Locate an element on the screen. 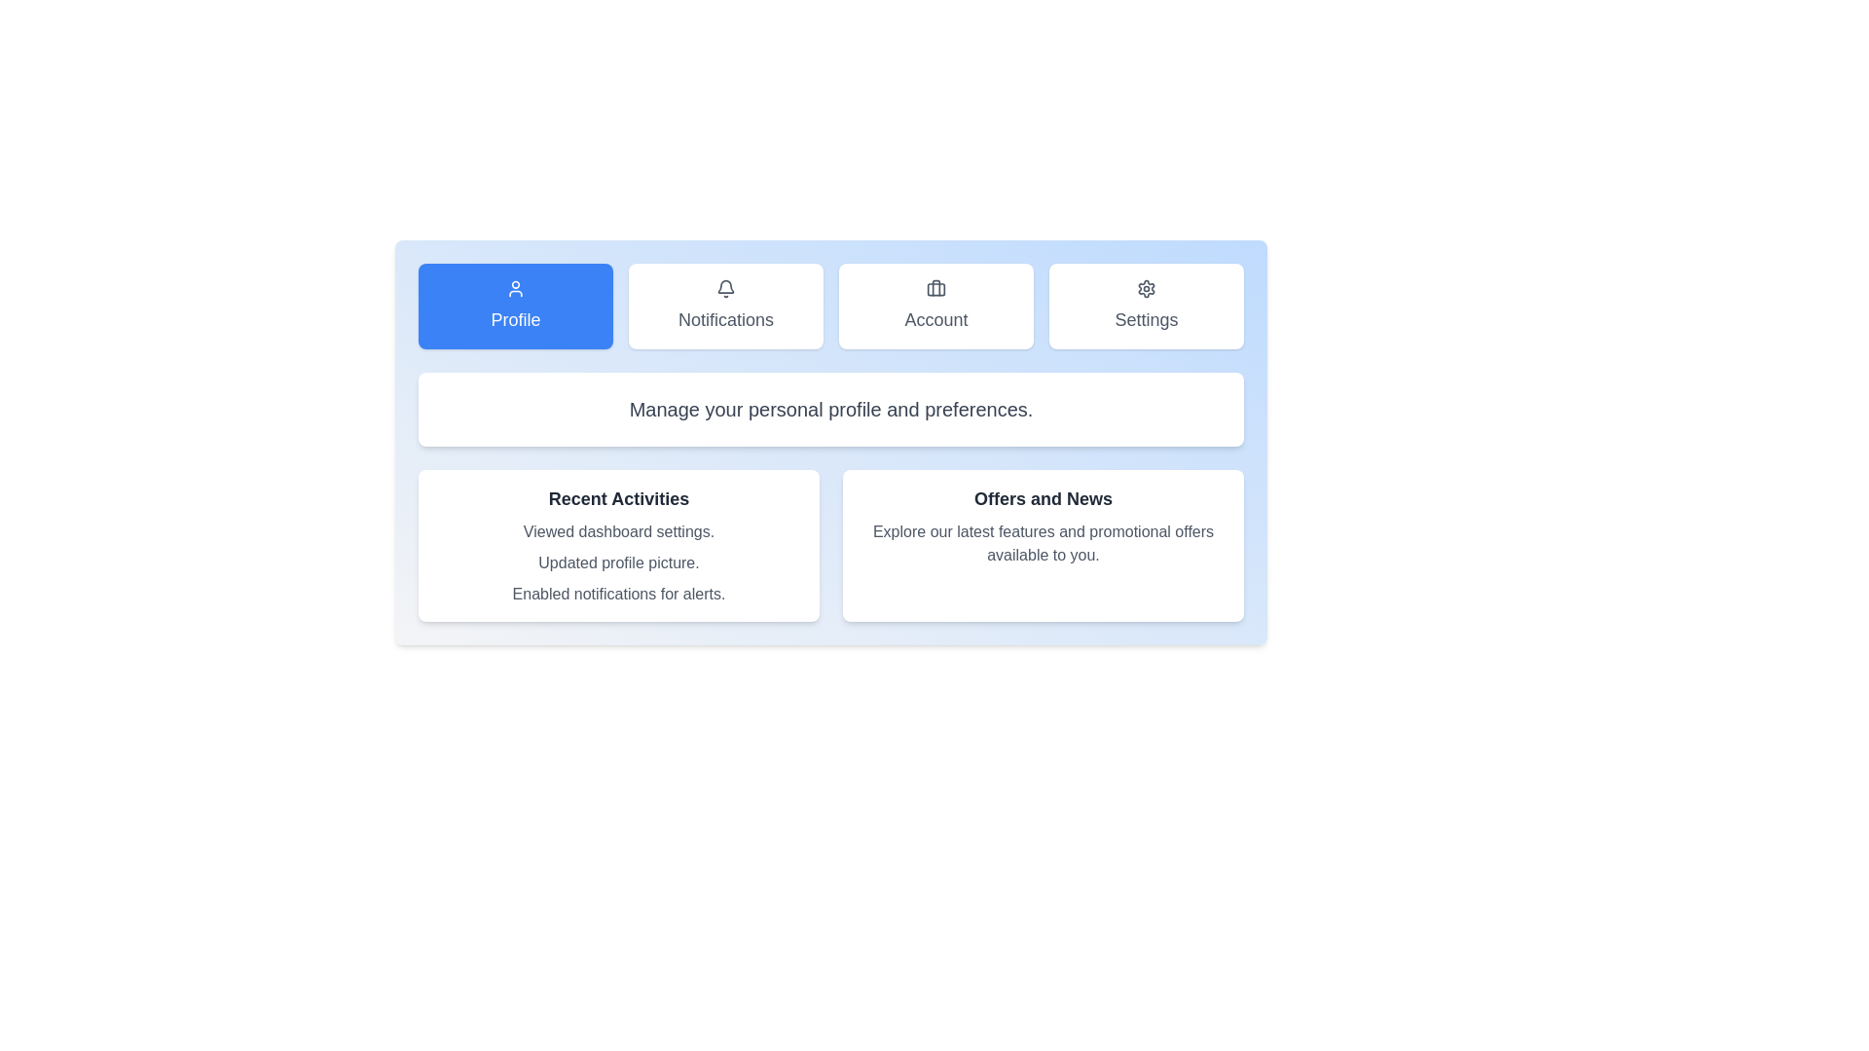 The width and height of the screenshot is (1869, 1051). the Dashboard Panel, which serves as a summary panel providing access to sections like 'Profile', 'Account', and 'Settings' is located at coordinates (831, 443).